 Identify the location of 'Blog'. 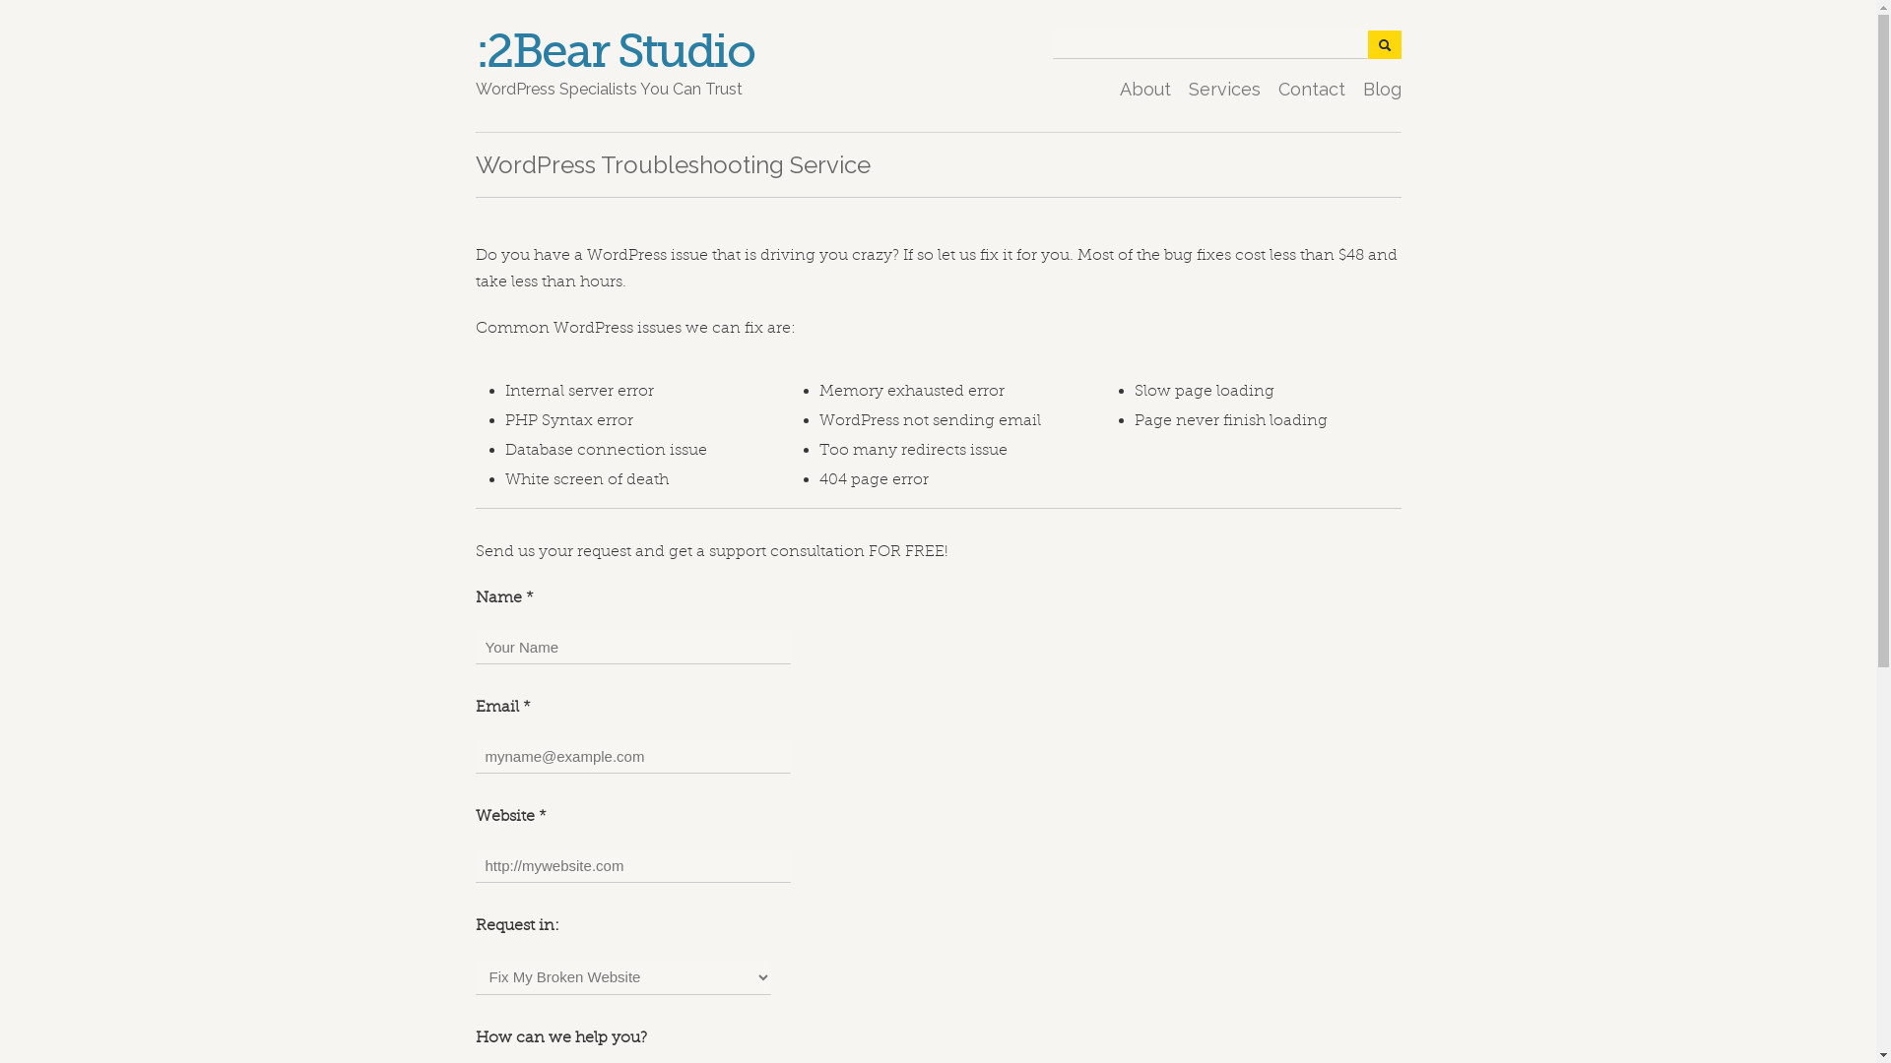
(1361, 89).